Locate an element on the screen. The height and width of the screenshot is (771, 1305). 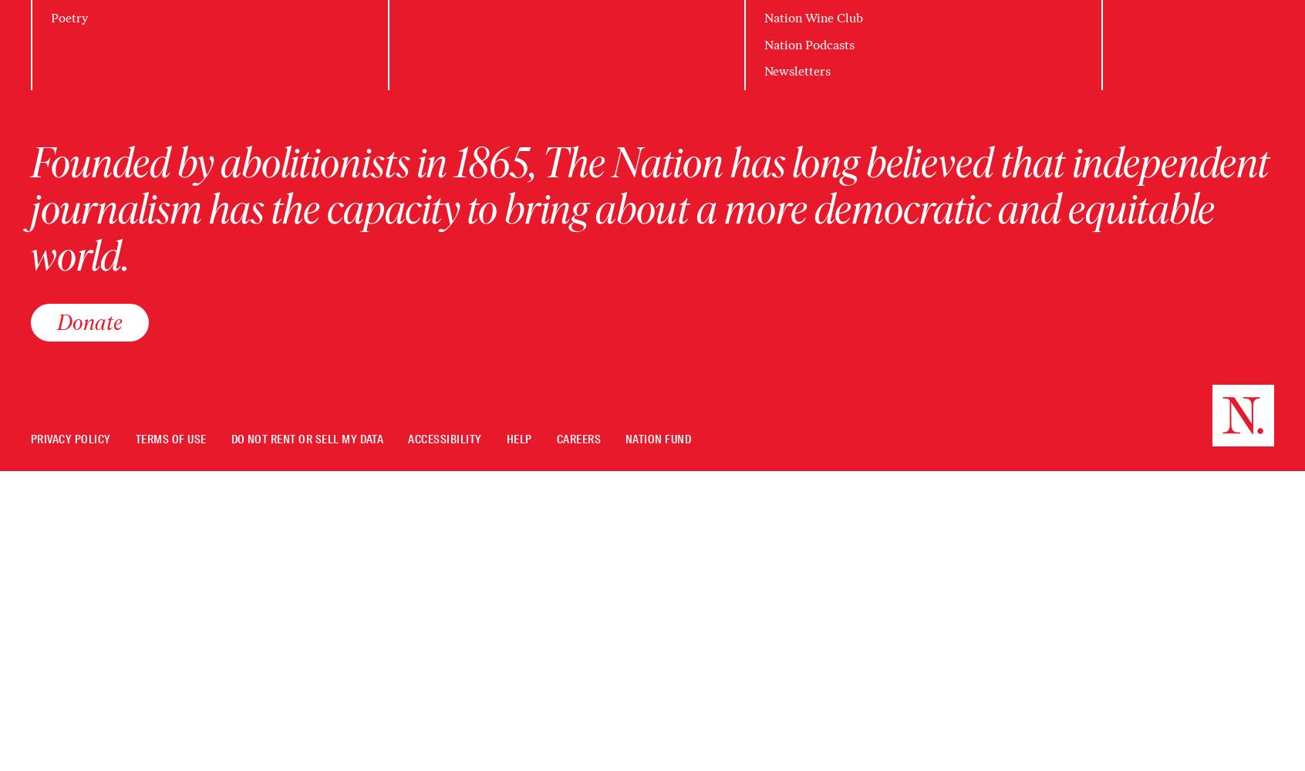
'Accessibility' is located at coordinates (407, 439).